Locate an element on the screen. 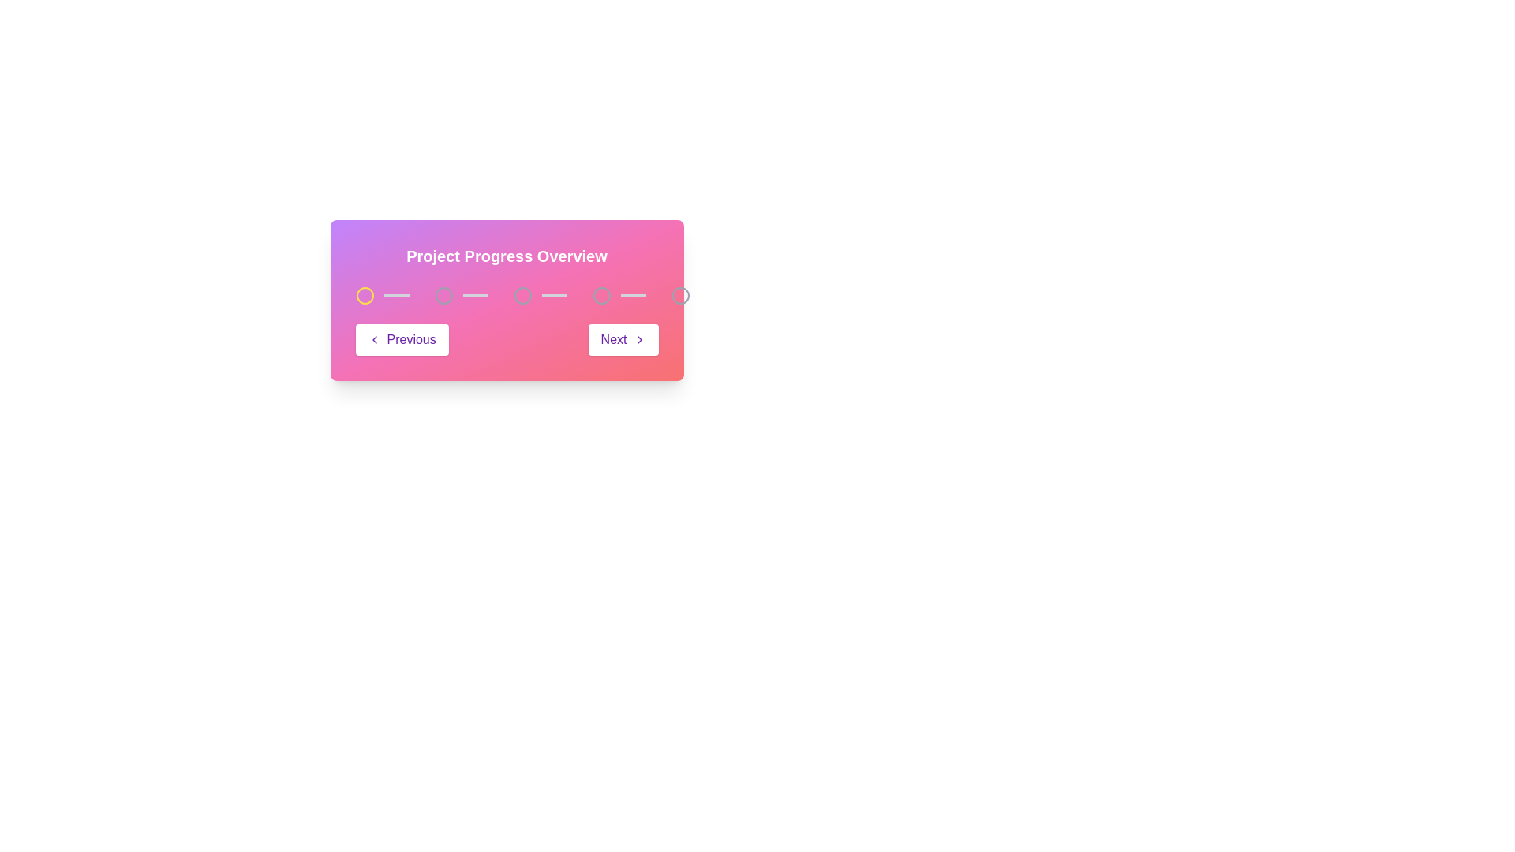  the state of the third circular graphic indicator in the step-by-step progression interface, which is part of a horizontal sequence of five shapes is located at coordinates (522, 295).